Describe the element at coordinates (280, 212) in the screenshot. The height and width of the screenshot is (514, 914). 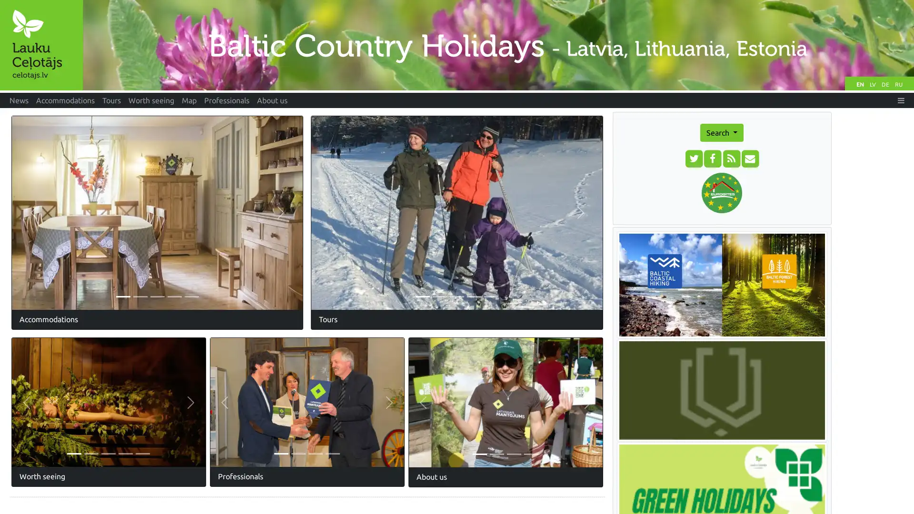
I see `Next` at that location.